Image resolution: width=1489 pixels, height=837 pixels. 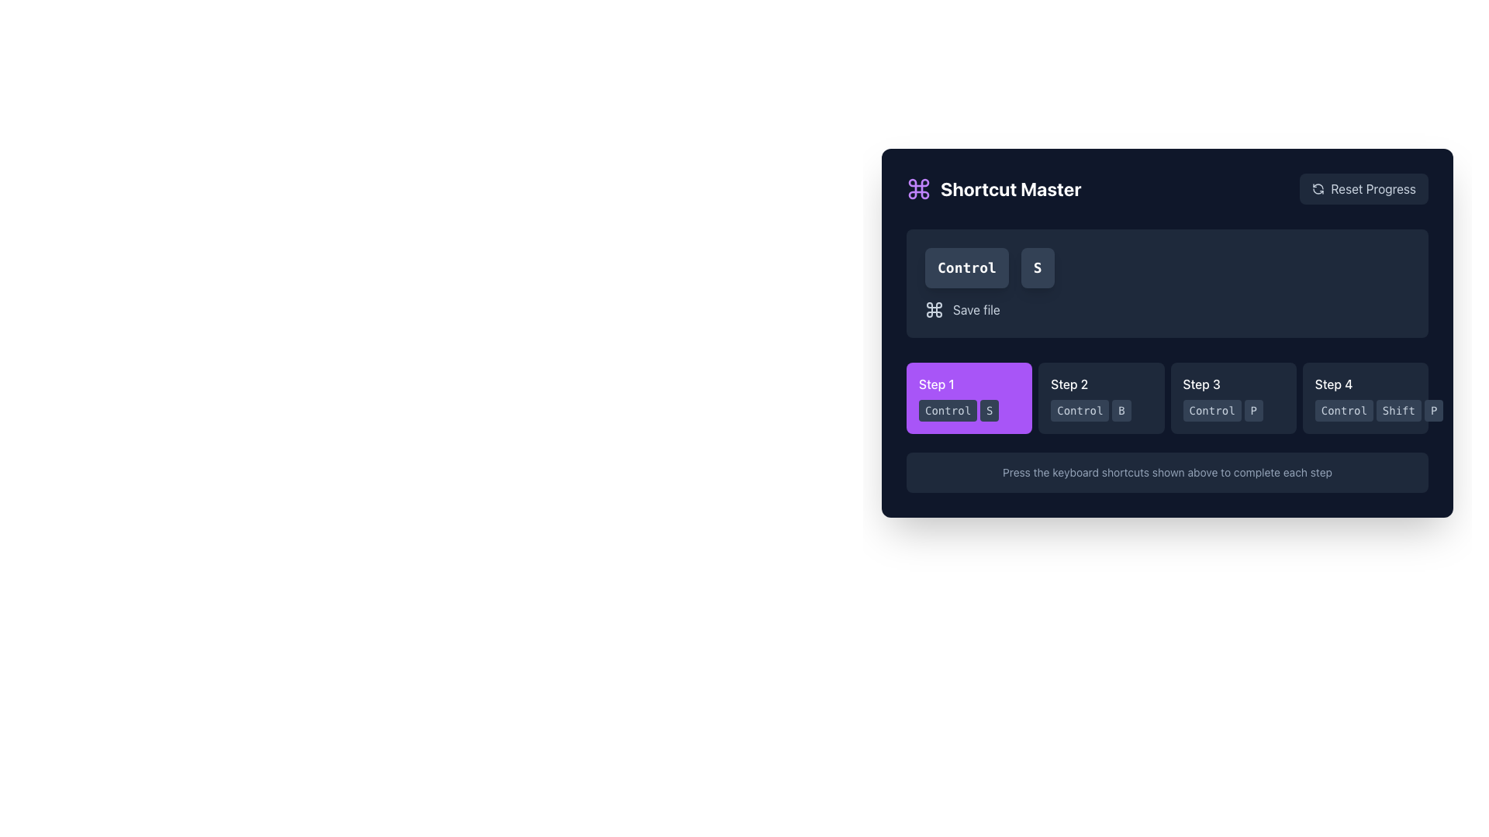 What do you see at coordinates (1365, 409) in the screenshot?
I see `the 'Control' button` at bounding box center [1365, 409].